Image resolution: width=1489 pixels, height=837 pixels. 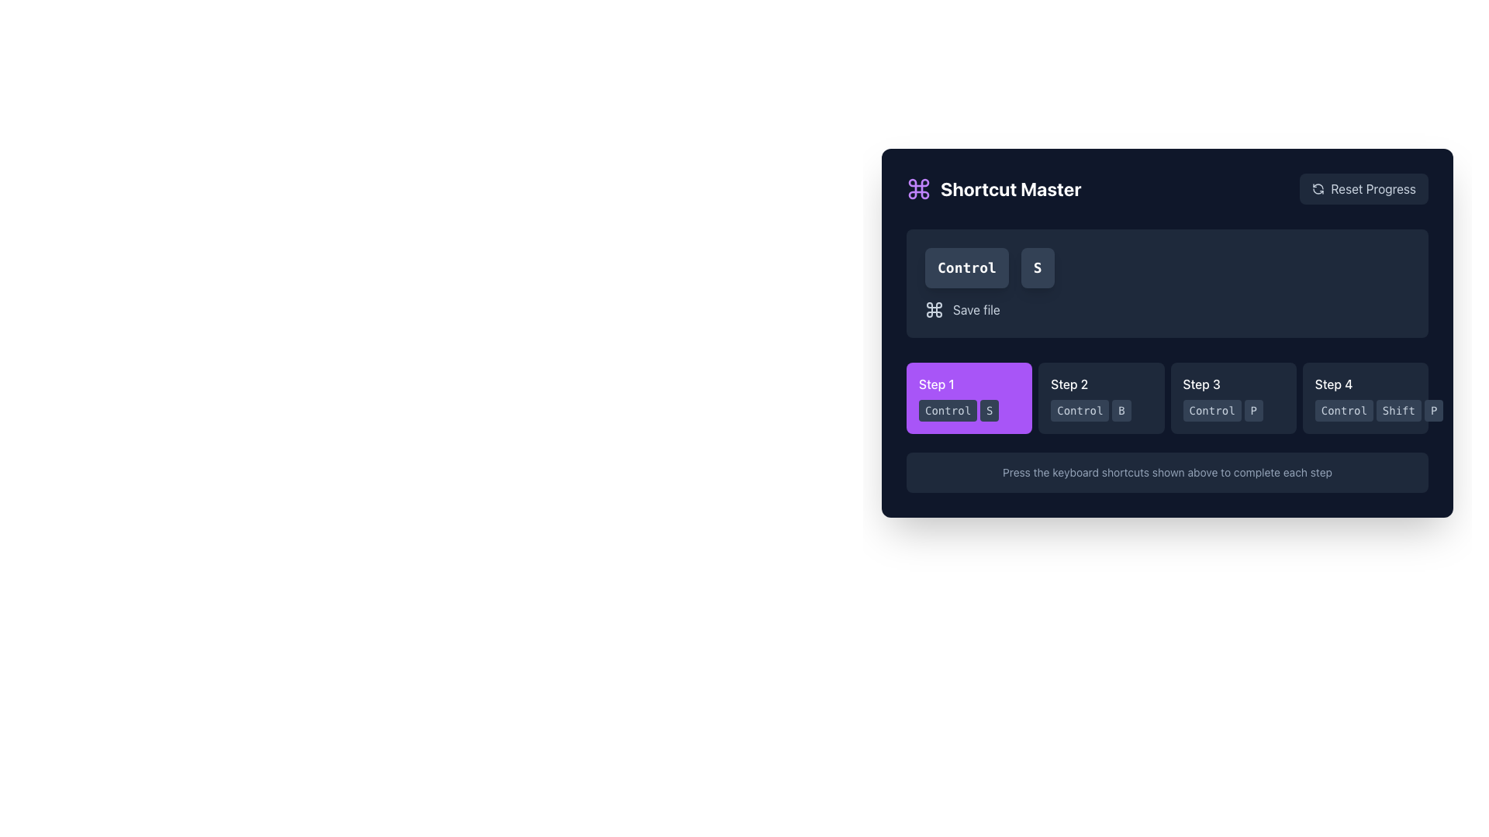 What do you see at coordinates (1365, 409) in the screenshot?
I see `the 'Control' button` at bounding box center [1365, 409].